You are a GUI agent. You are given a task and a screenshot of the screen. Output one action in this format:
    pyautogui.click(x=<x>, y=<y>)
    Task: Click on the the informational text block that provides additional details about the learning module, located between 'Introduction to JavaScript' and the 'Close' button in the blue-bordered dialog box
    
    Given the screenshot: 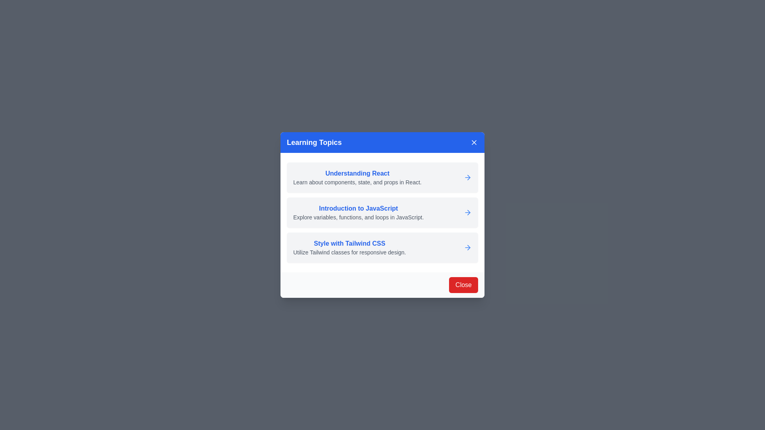 What is the action you would take?
    pyautogui.click(x=349, y=247)
    